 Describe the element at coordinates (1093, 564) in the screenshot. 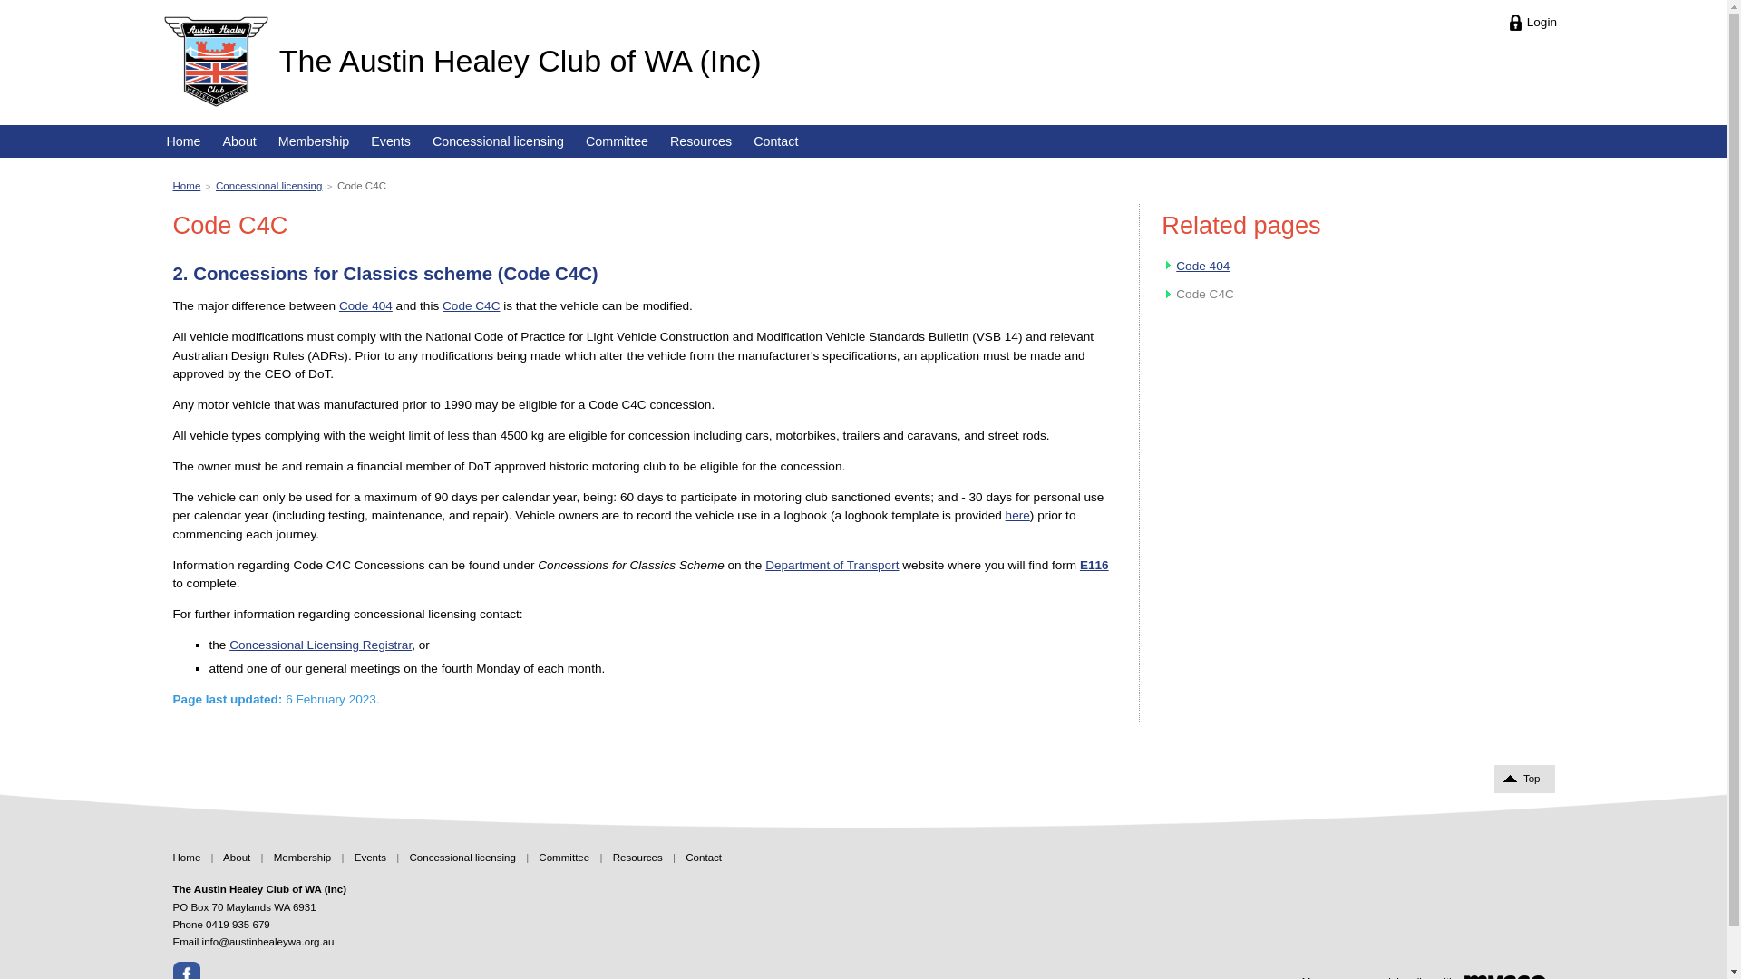

I see `'E116'` at that location.